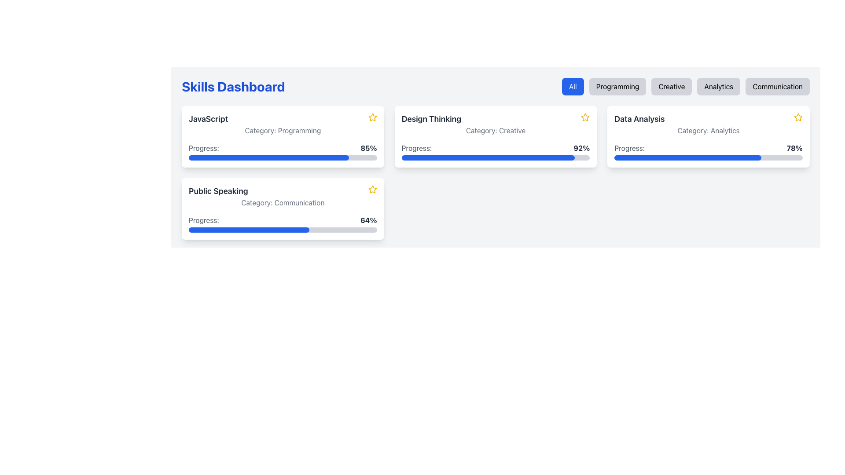 Image resolution: width=845 pixels, height=475 pixels. I want to click on the static text label displaying 'Category: Programming' located within the Skills Dashboard under the heading 'JavaScript', so click(283, 131).